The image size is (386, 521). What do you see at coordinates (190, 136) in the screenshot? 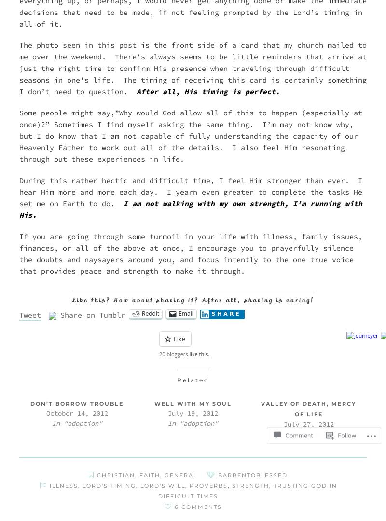
I see `'Some people might say,”Why would God allow all of this to happen (especially at once)?” Sometimes I find myself asking the same thing.  I’m may not know why, but I do know that I am not capable of fully understanding the capacity of our Heavenly Father to work out all of the details.  I also feel Him resonating through out these experiences in life.'` at bounding box center [190, 136].